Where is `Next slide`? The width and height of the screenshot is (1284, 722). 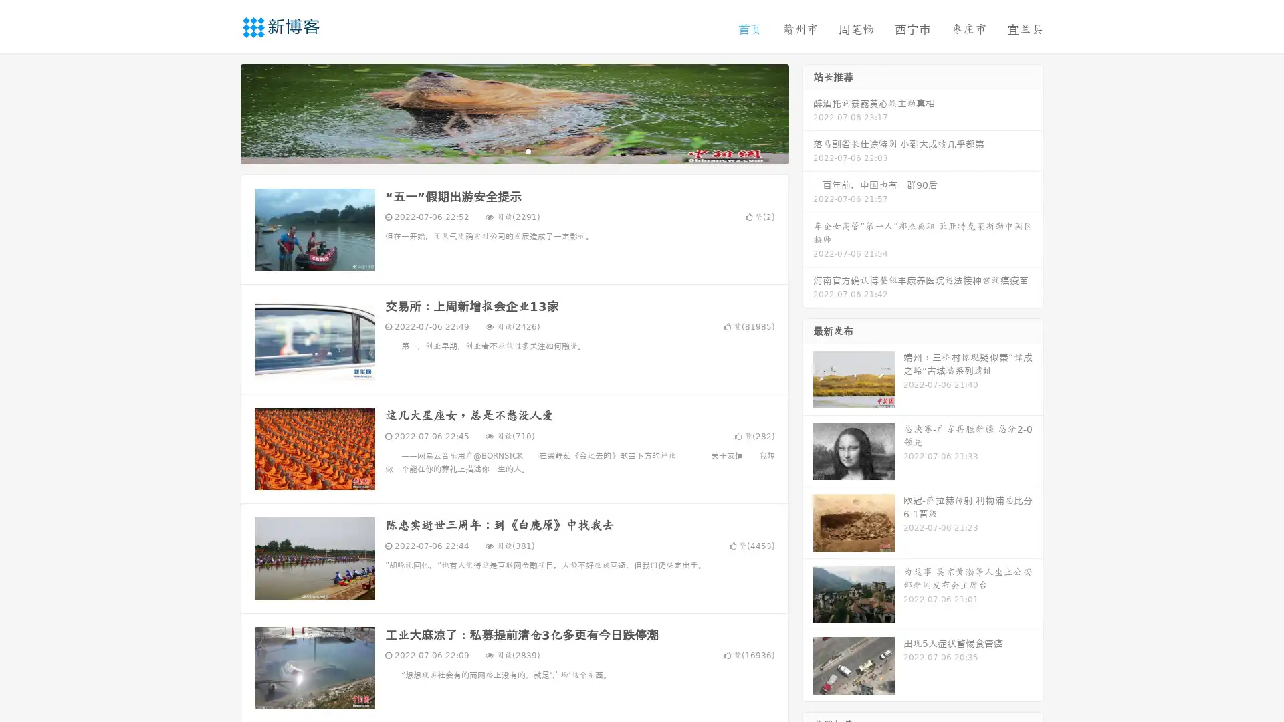 Next slide is located at coordinates (808, 112).